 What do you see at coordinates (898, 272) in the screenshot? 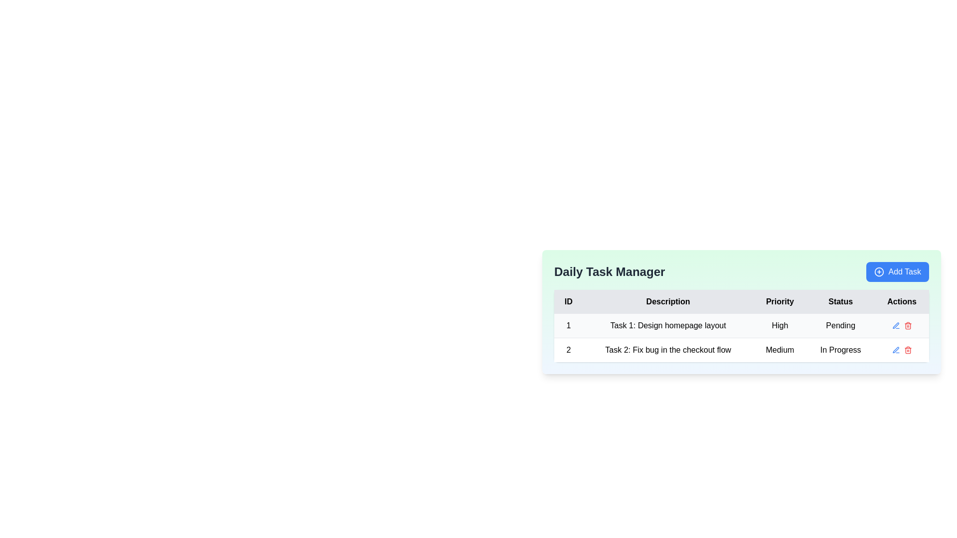
I see `the button located to the right of the 'Daily Task Manager' title` at bounding box center [898, 272].